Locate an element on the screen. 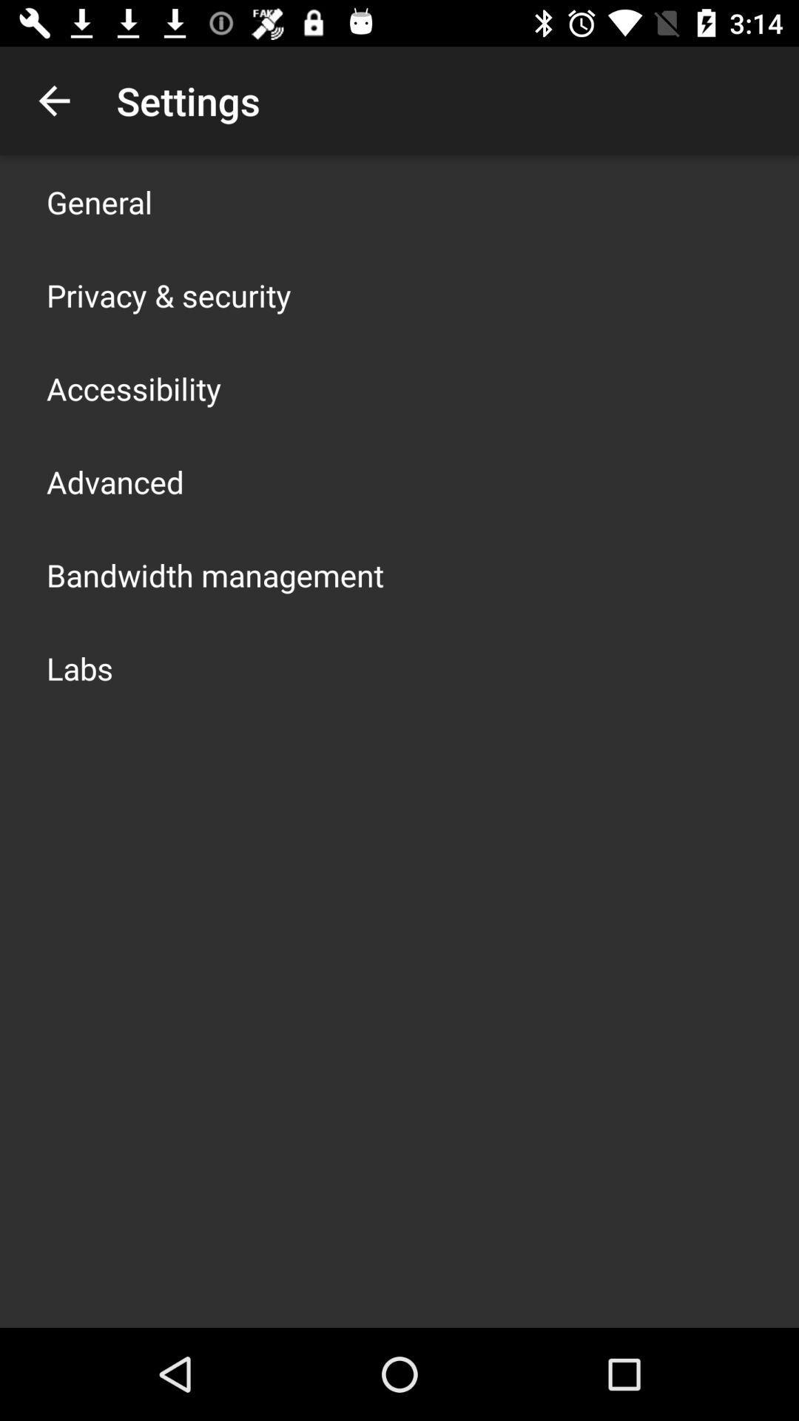 The height and width of the screenshot is (1421, 799). icon above the bandwidth management icon is located at coordinates (114, 482).